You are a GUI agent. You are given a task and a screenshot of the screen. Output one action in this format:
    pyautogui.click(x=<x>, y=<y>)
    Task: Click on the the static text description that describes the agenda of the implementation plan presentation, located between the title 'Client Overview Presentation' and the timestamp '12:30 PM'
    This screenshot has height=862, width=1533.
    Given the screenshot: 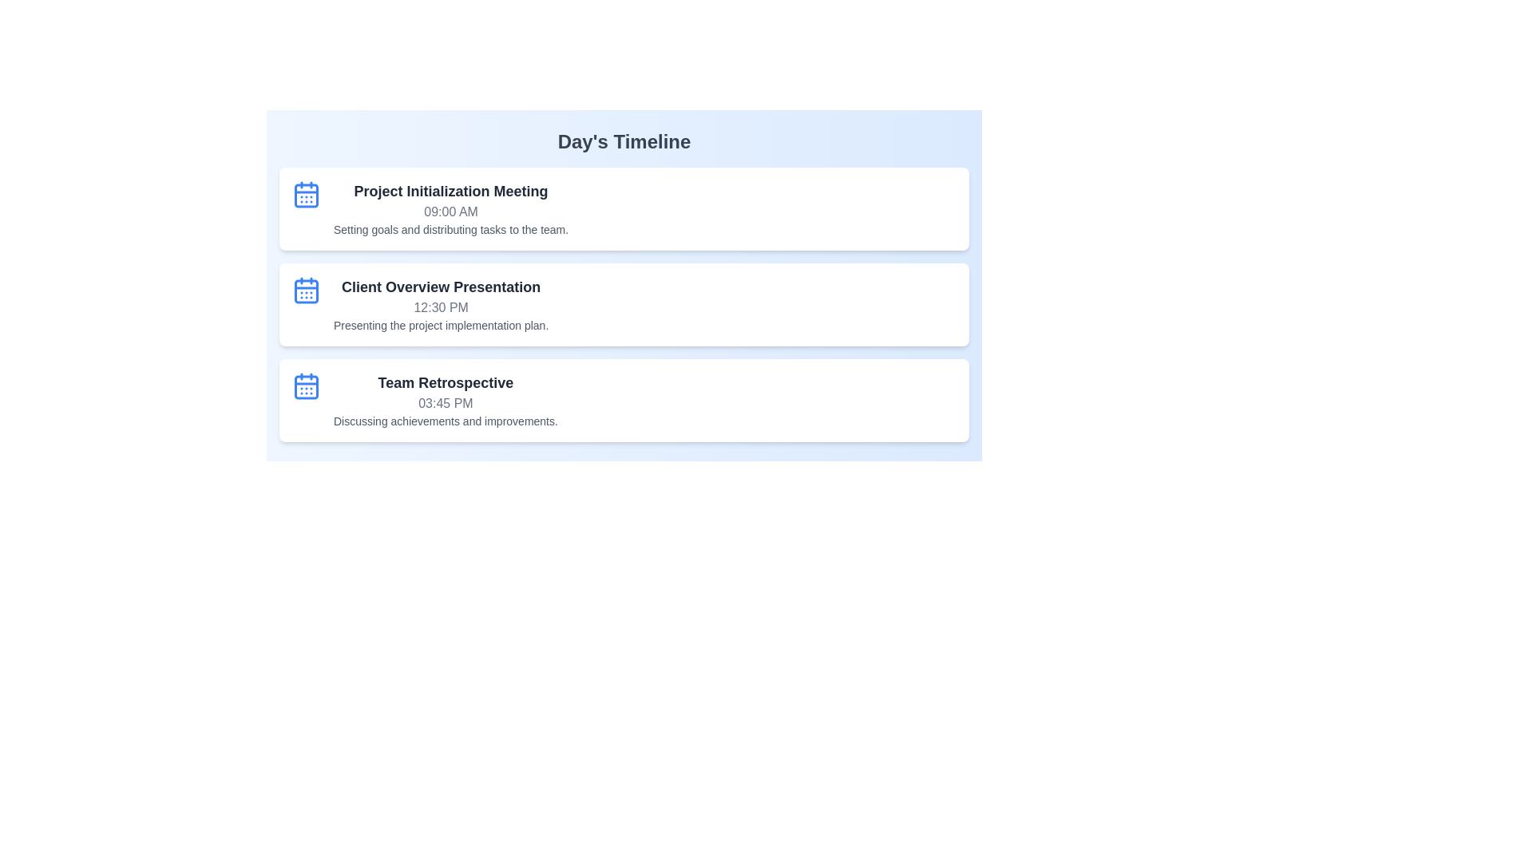 What is the action you would take?
    pyautogui.click(x=441, y=325)
    